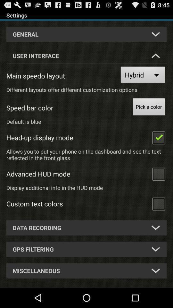 The height and width of the screenshot is (308, 173). Describe the element at coordinates (158, 174) in the screenshot. I see `check box toggle advanced hug mode` at that location.